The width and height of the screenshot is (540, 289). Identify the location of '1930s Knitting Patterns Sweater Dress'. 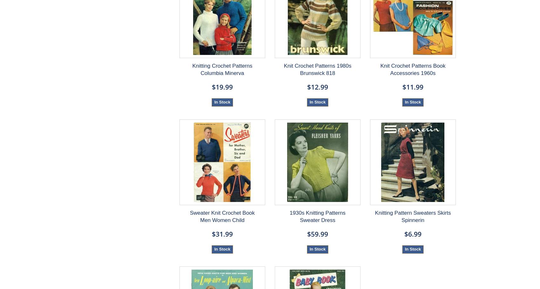
(317, 216).